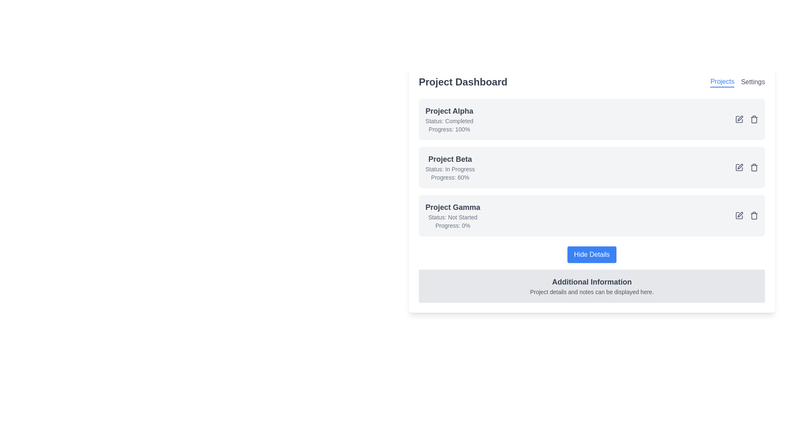 This screenshot has height=448, width=797. What do you see at coordinates (754, 215) in the screenshot?
I see `the minimalist line-art styled trash icon located on the far-right side of the 'Project Gamma' section in the project list` at bounding box center [754, 215].